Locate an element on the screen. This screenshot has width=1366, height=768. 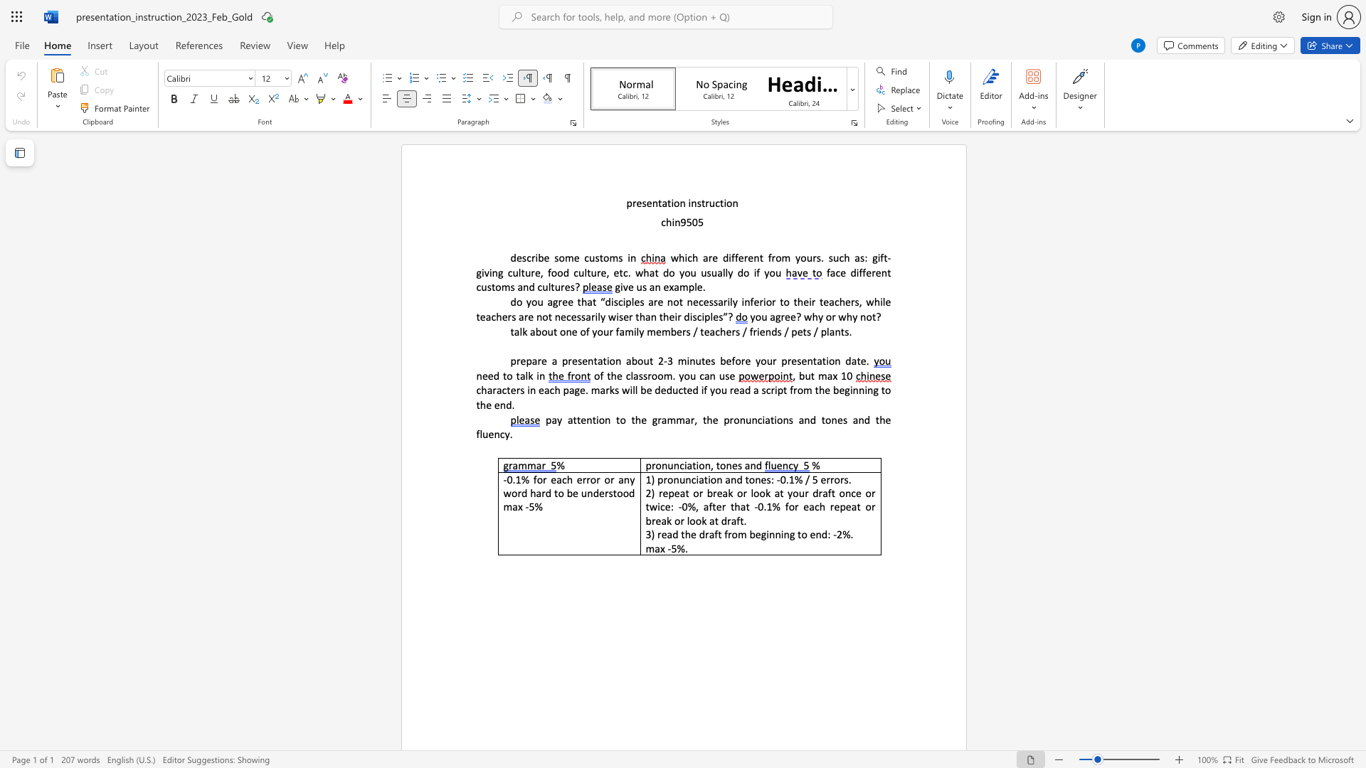
the subset text "esent" within the text "3 minutes before your presentation date." is located at coordinates (790, 360).